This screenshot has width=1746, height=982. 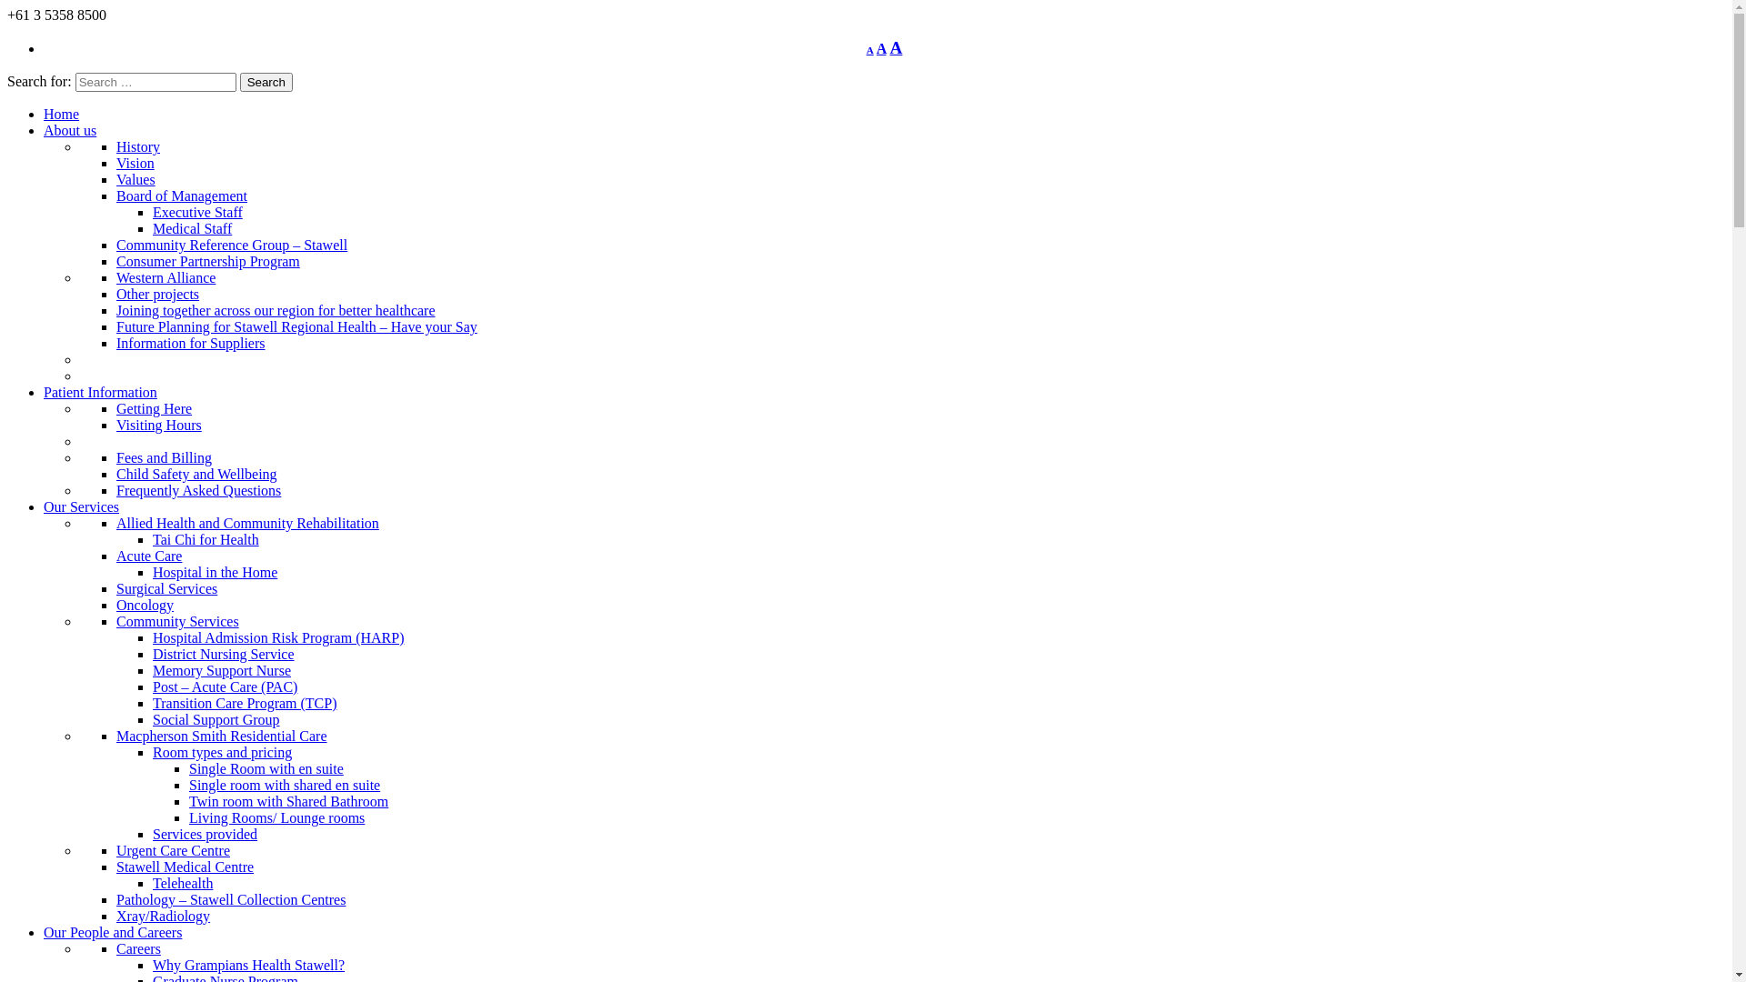 What do you see at coordinates (115, 162) in the screenshot?
I see `'Vision'` at bounding box center [115, 162].